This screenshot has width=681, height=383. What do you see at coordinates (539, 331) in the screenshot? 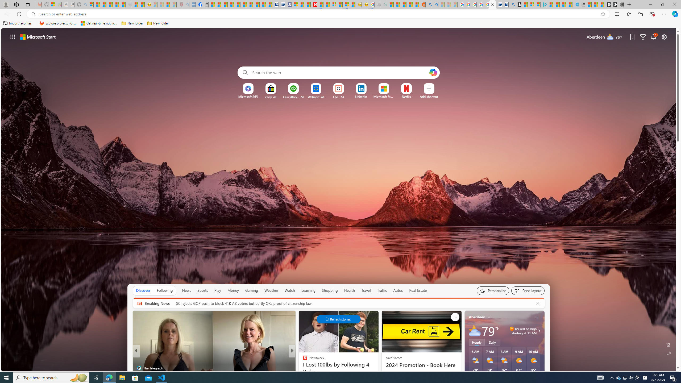
I see `'Class: weather-arrow-glyph'` at bounding box center [539, 331].